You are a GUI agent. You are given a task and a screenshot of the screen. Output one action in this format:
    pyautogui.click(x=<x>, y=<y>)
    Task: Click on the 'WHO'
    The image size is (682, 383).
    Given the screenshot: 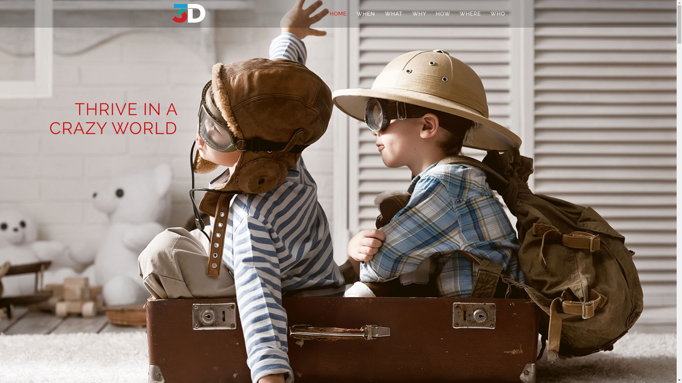 What is the action you would take?
    pyautogui.click(x=497, y=13)
    